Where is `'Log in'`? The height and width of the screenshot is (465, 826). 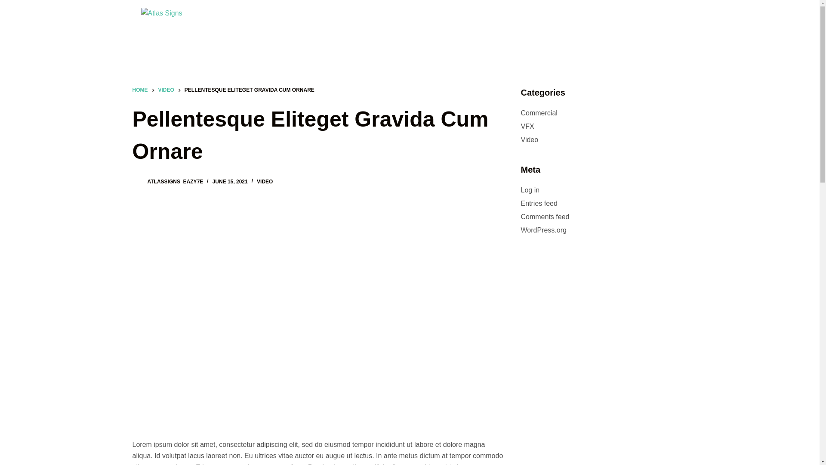 'Log in' is located at coordinates (530, 189).